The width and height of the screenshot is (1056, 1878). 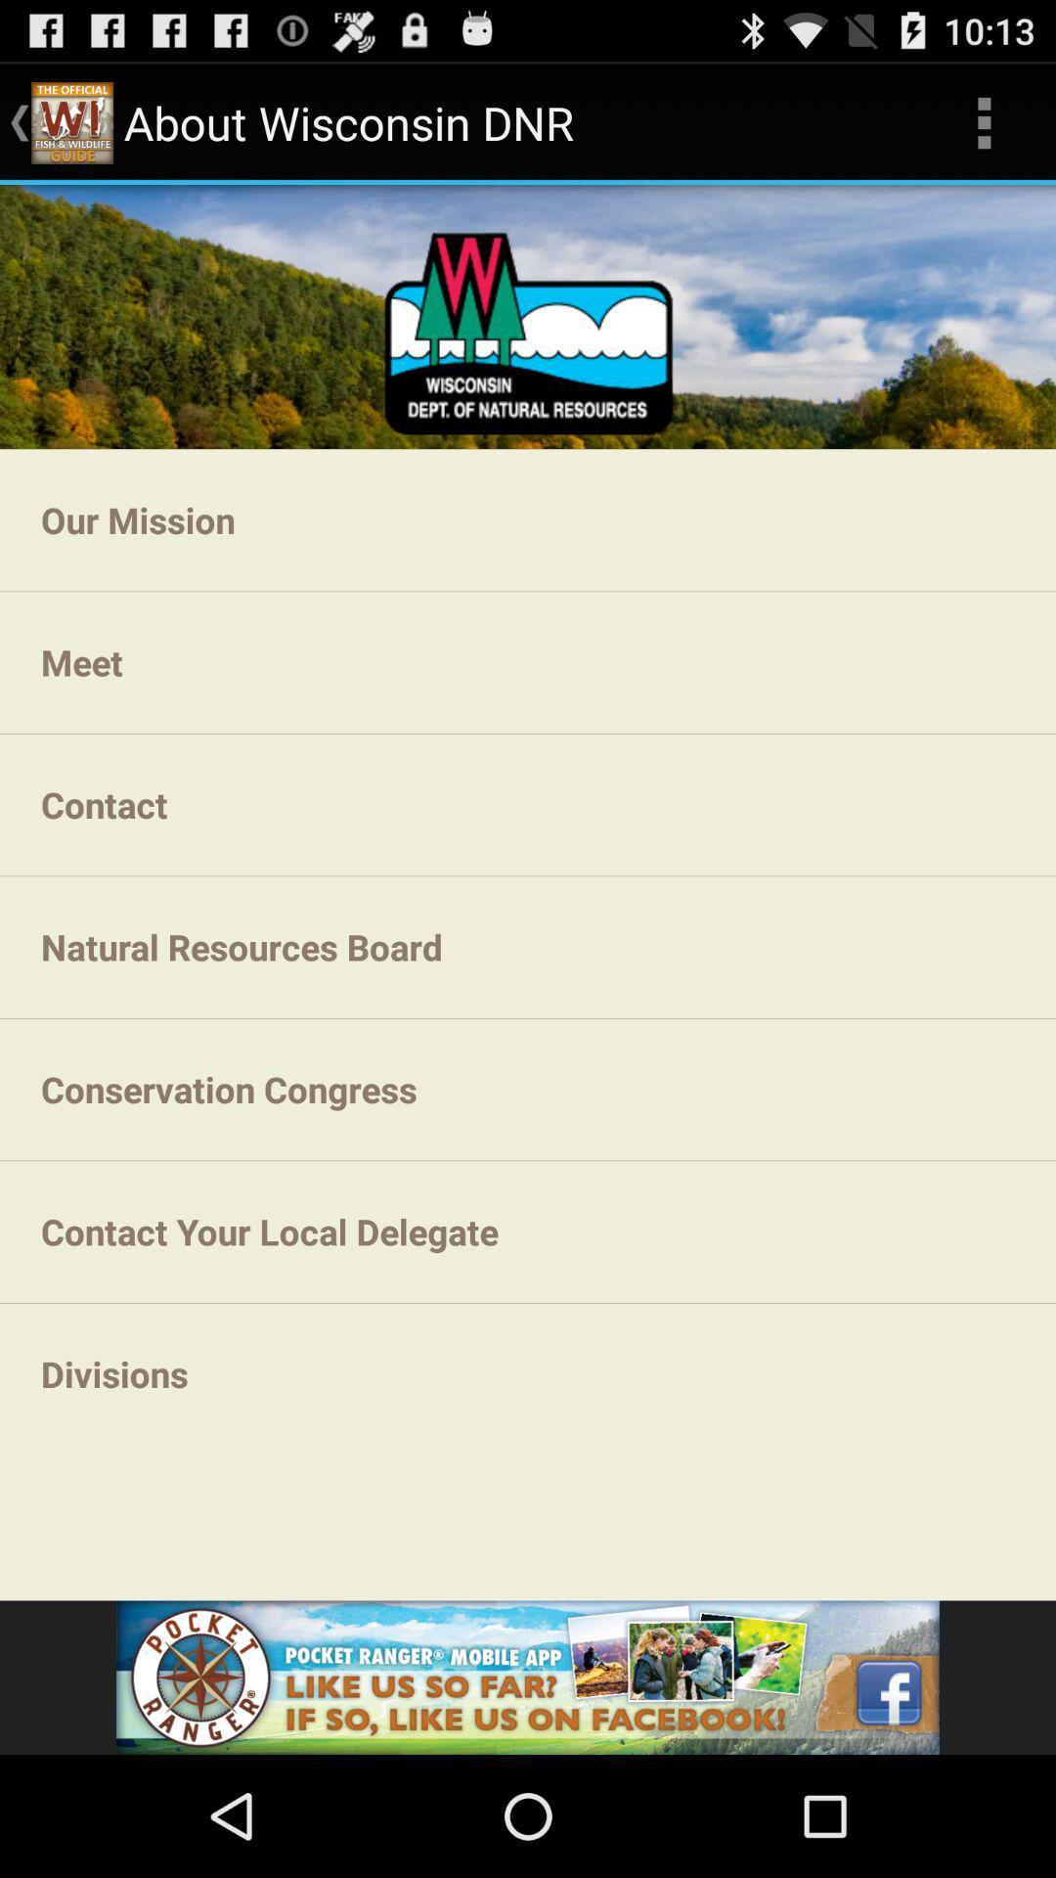 What do you see at coordinates (528, 1677) in the screenshot?
I see `advertisement option` at bounding box center [528, 1677].